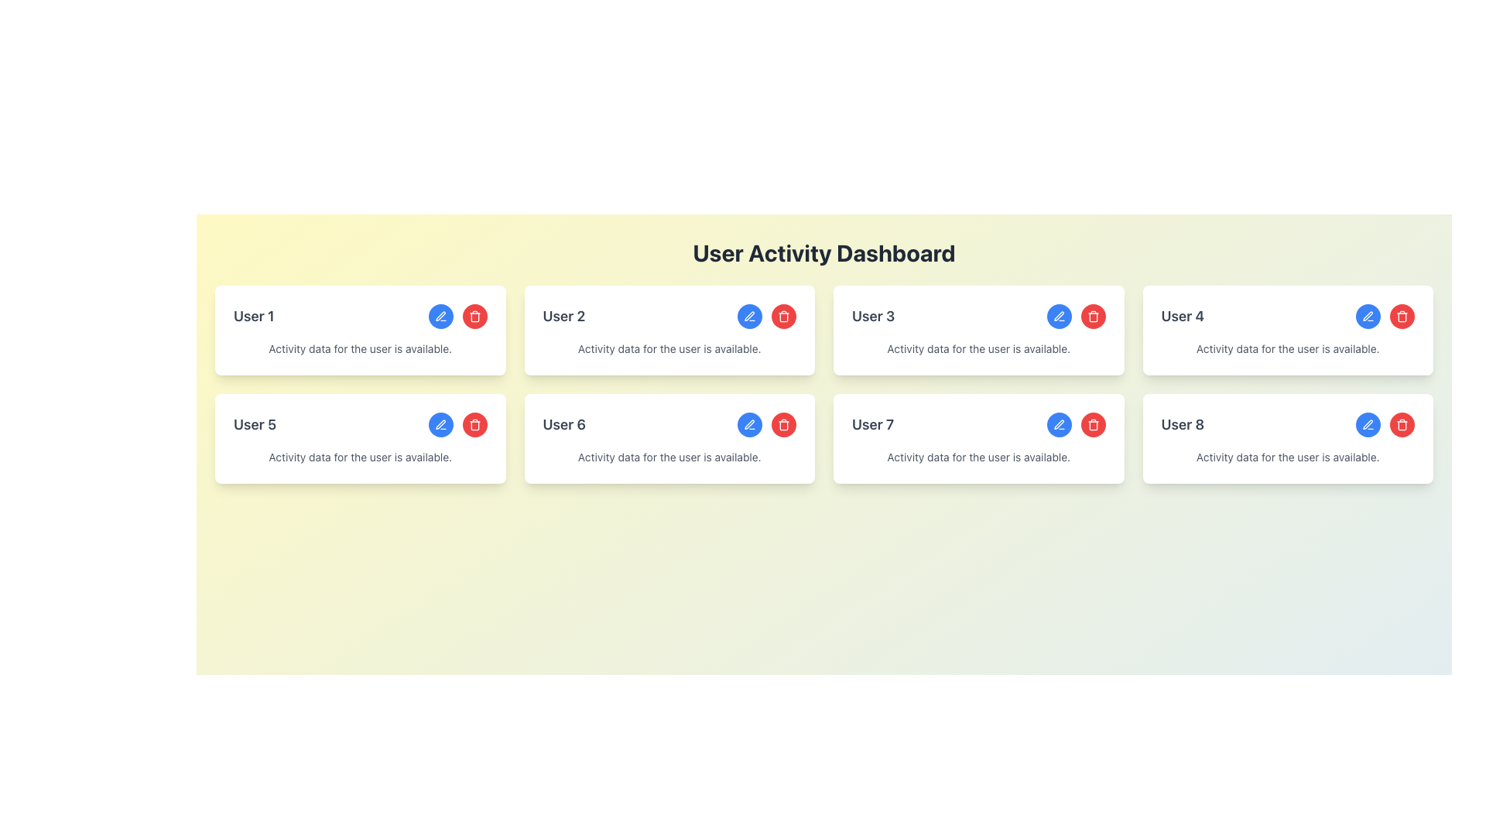 Image resolution: width=1486 pixels, height=836 pixels. Describe the element at coordinates (359, 456) in the screenshot. I see `the static informational text that reads 'Activity data for the user is available.' located within the card titled 'User 5'` at that location.